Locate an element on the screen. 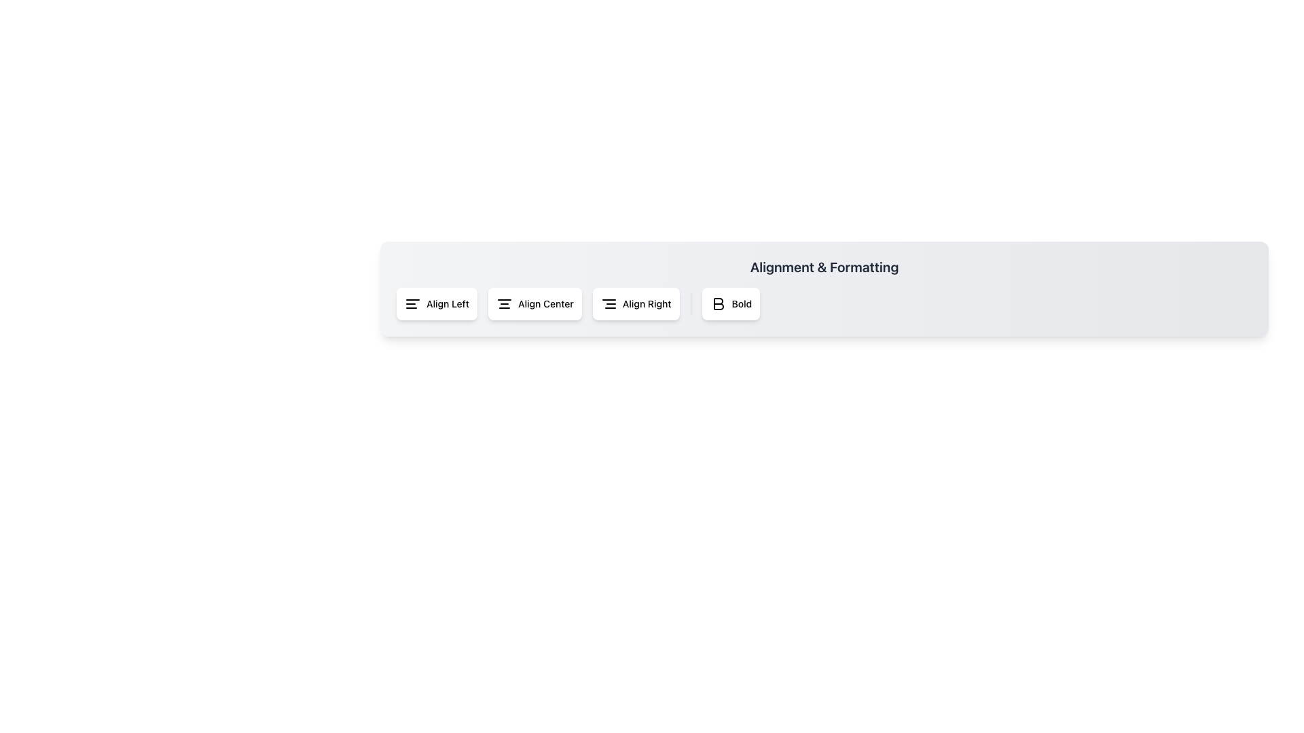  the text label that displays the word 'Bold', which is styled in small font size and aligned right to a bold-styled 'B' icon in the last button of the alignment and formatting toolbar is located at coordinates (741, 303).